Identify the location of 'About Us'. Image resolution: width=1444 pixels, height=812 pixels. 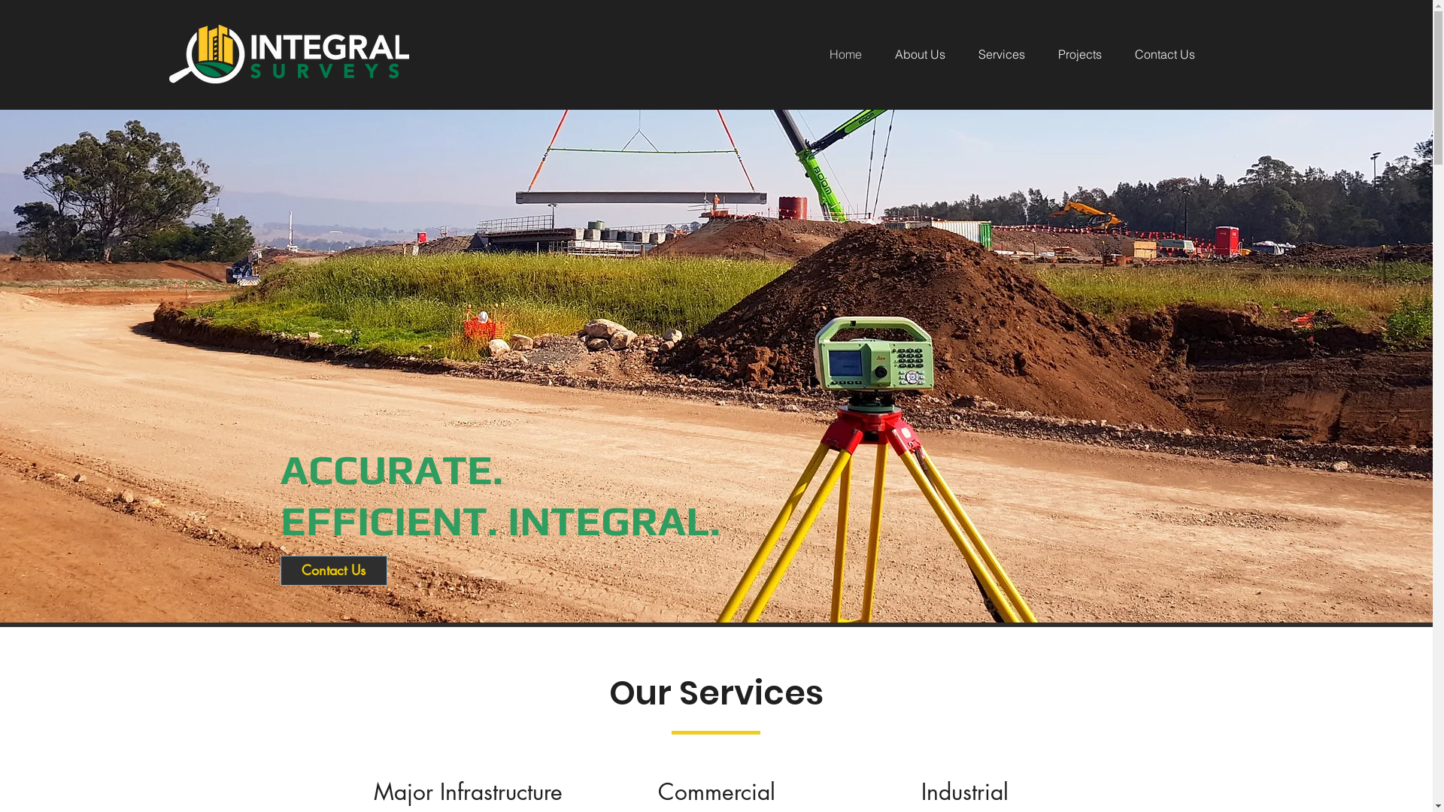
(910, 53).